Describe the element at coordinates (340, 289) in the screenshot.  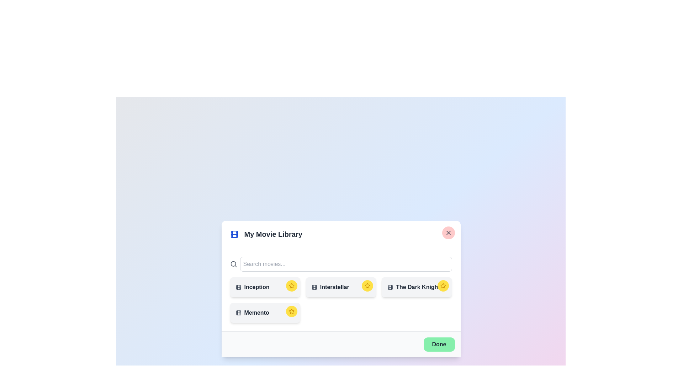
I see `any of the movies listed in the dialog box to interact with them` at that location.